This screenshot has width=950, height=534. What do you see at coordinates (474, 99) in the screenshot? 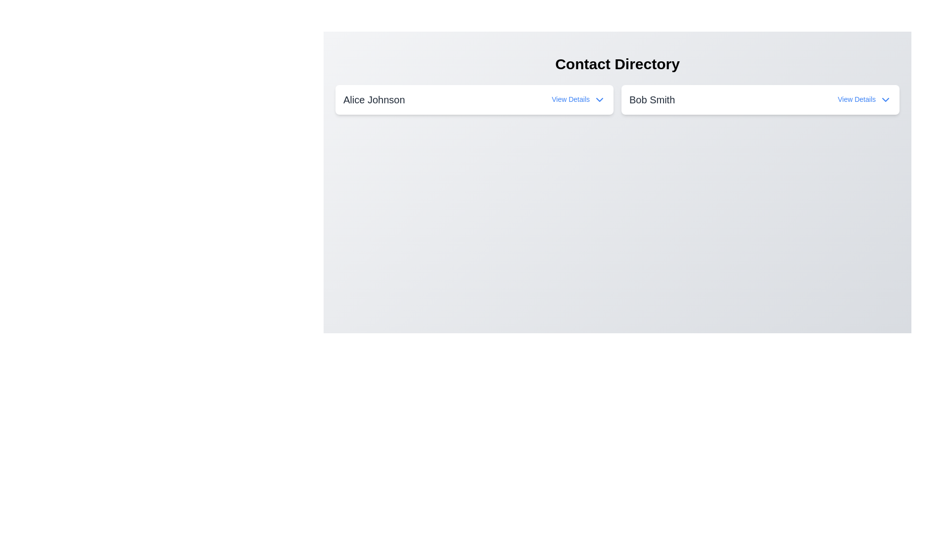
I see `the card displaying information for 'Alice Johnson' in the 'Contact Directory', which is the first card on the left in a horizontal layout` at bounding box center [474, 99].